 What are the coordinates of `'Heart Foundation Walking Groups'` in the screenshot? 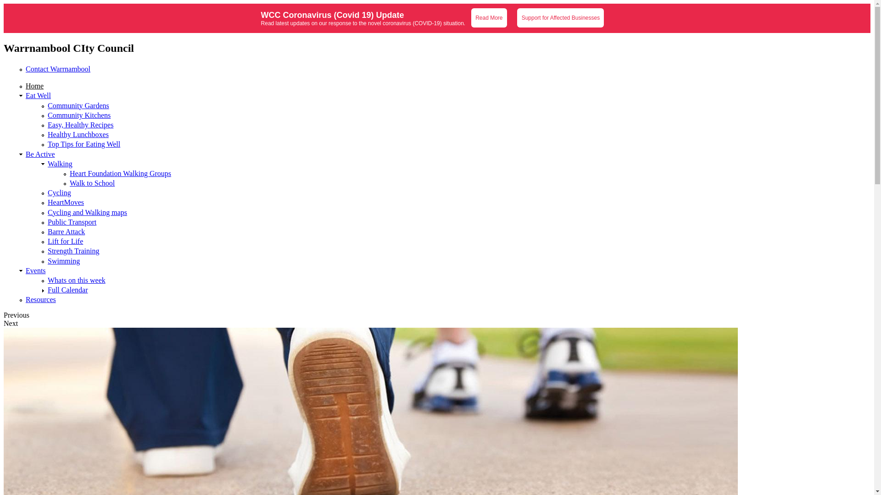 It's located at (120, 173).